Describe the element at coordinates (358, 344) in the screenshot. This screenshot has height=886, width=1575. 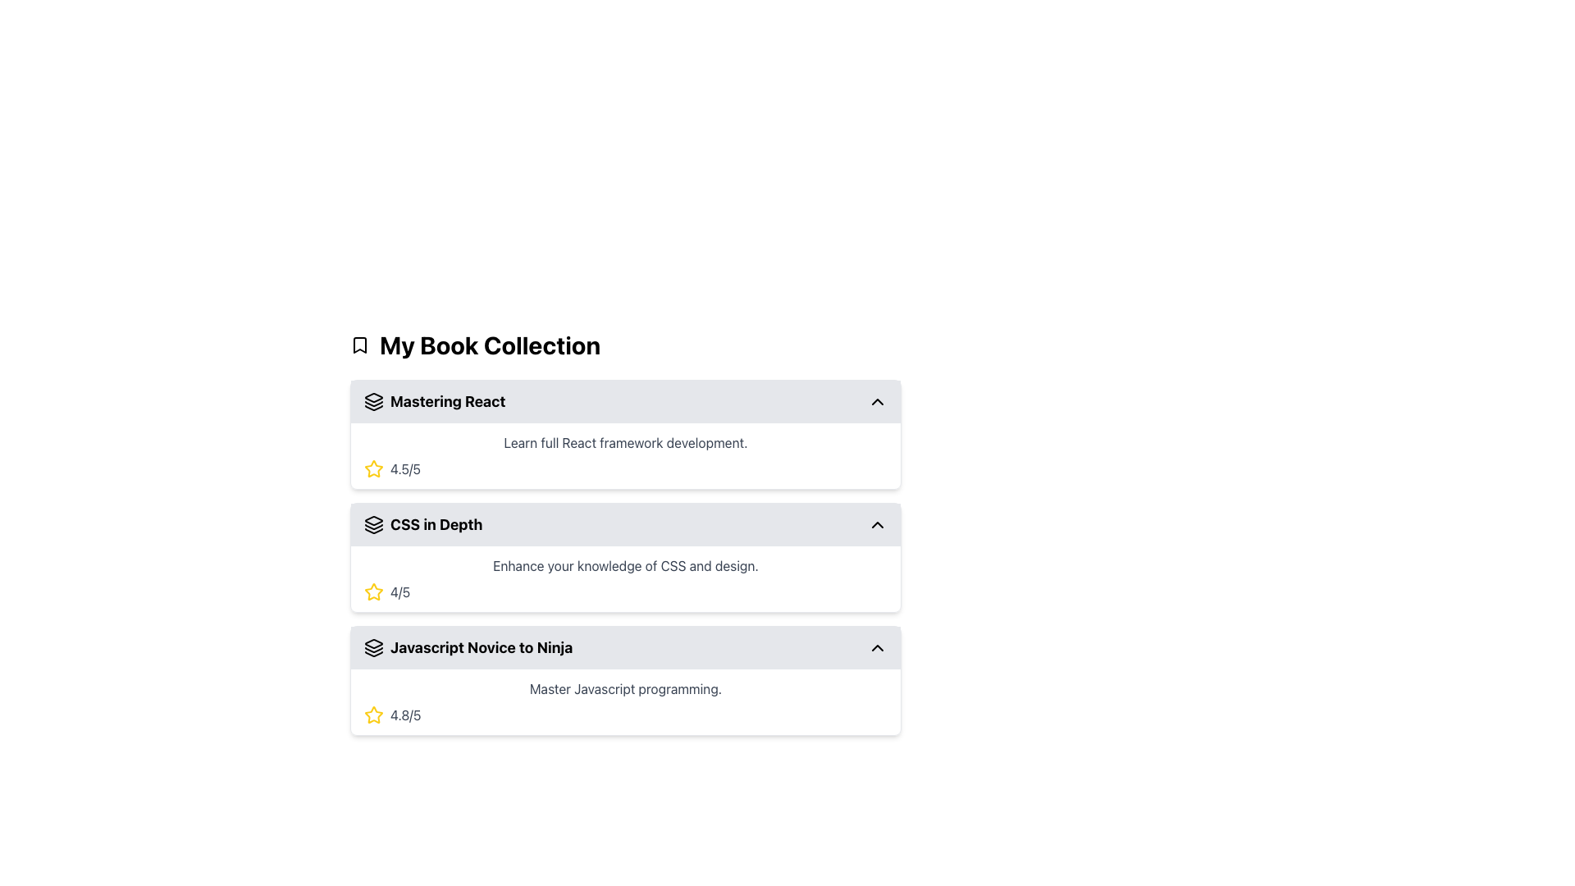
I see `the bookmark icon located at the far left of the header section, which features a minimalistic black design with distinct strokes and is adjacent to the text 'My Book Collection'` at that location.